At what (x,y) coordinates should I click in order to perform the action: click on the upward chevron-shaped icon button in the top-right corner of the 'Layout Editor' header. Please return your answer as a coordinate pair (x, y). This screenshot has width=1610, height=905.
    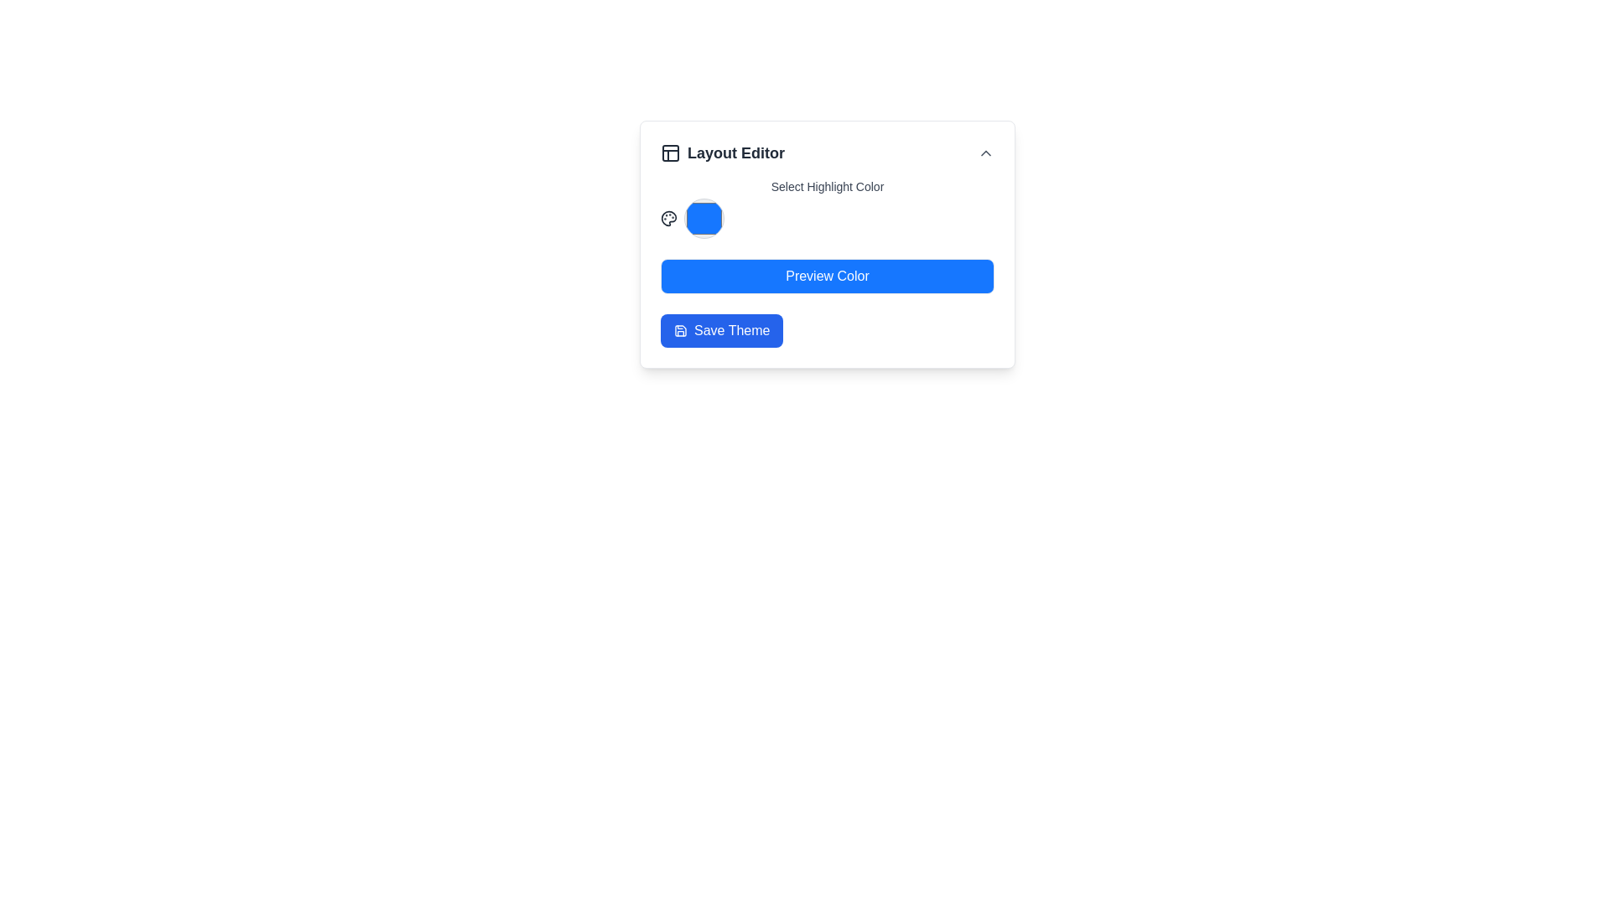
    Looking at the image, I should click on (986, 153).